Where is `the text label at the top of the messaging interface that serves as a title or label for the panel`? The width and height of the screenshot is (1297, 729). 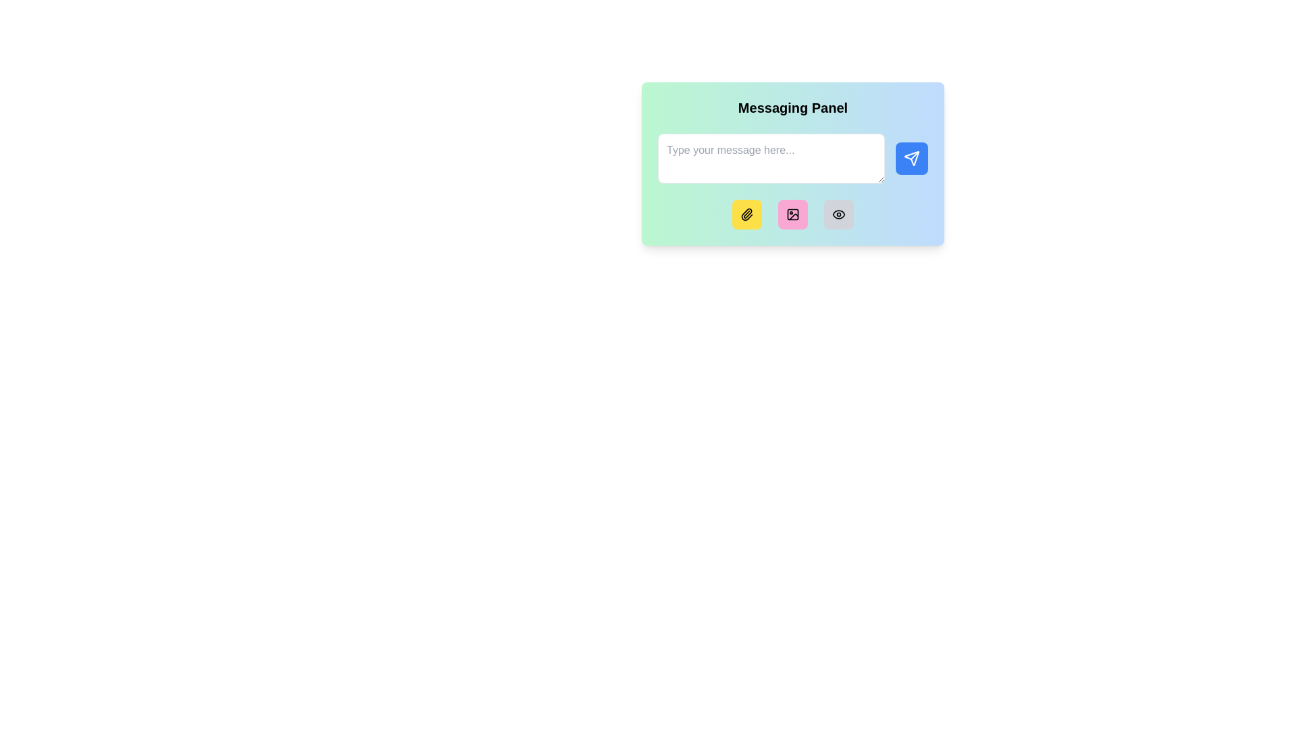 the text label at the top of the messaging interface that serves as a title or label for the panel is located at coordinates (793, 107).